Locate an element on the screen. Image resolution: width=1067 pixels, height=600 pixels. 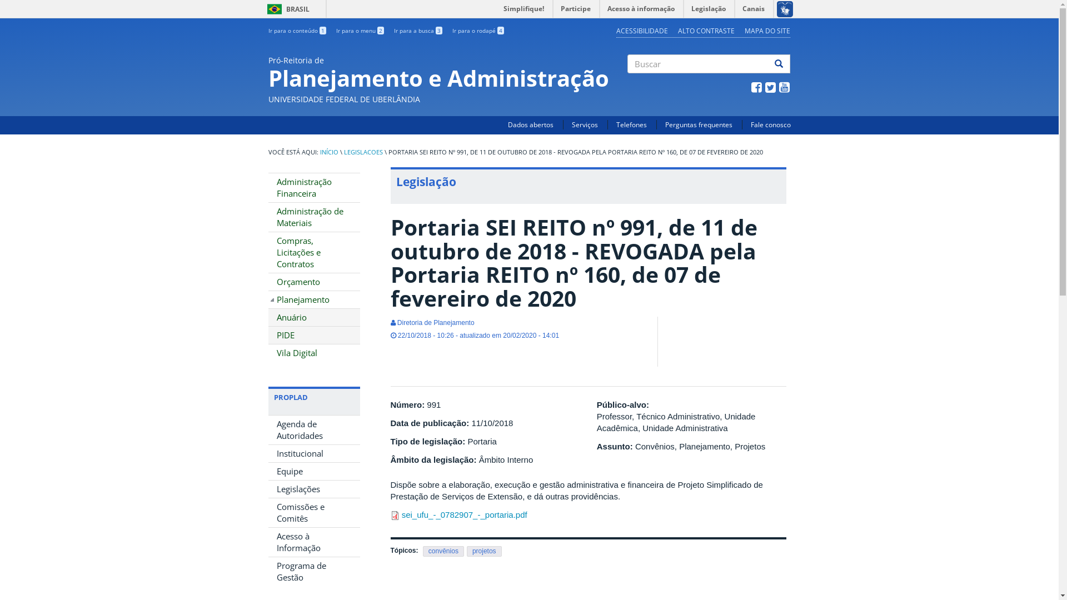
'MAPA DO SITE' is located at coordinates (744, 30).